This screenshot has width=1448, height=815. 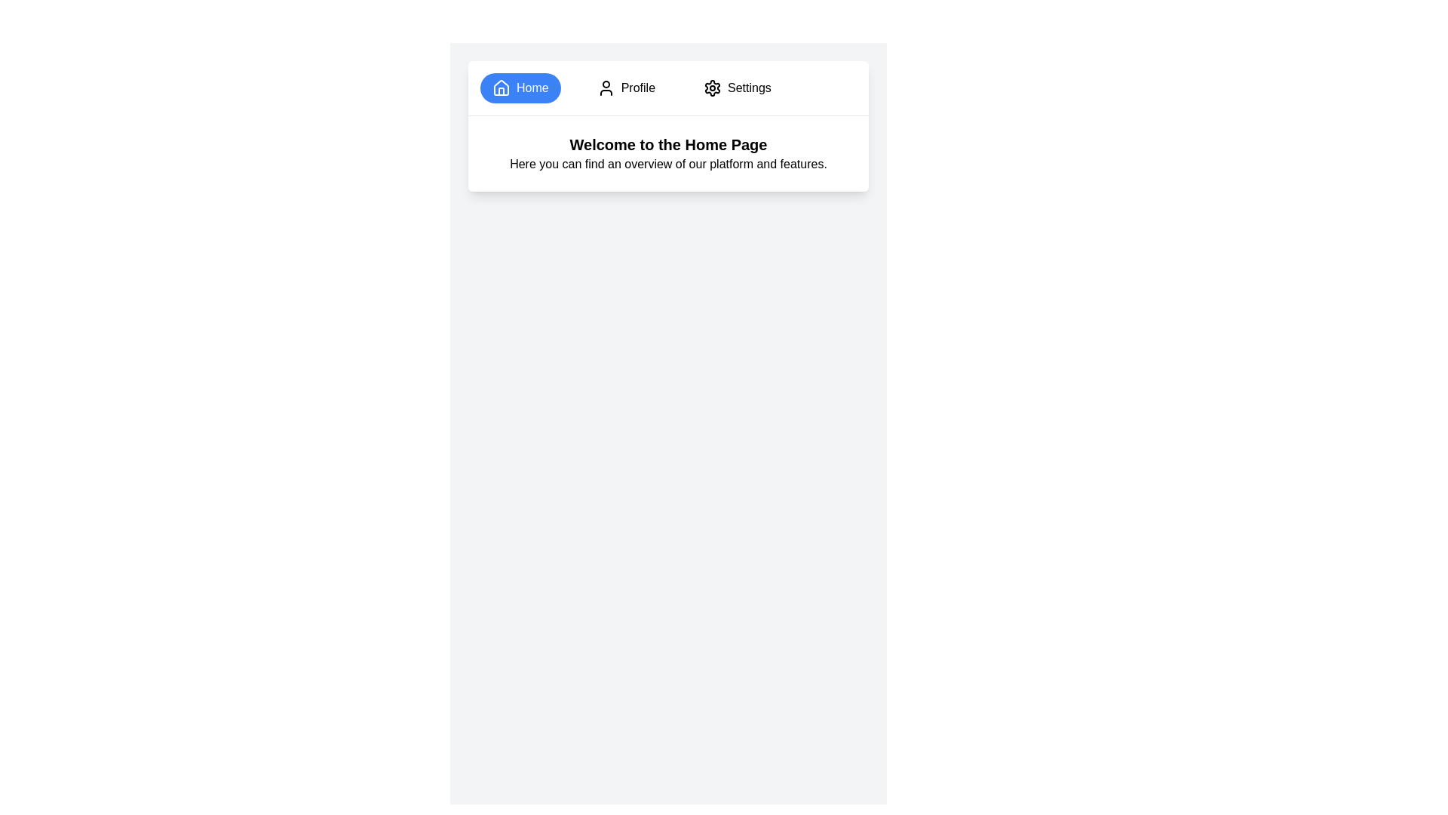 I want to click on the 'Home' icon located in the navigation bar, which signifies the homepage of the application, so click(x=502, y=88).